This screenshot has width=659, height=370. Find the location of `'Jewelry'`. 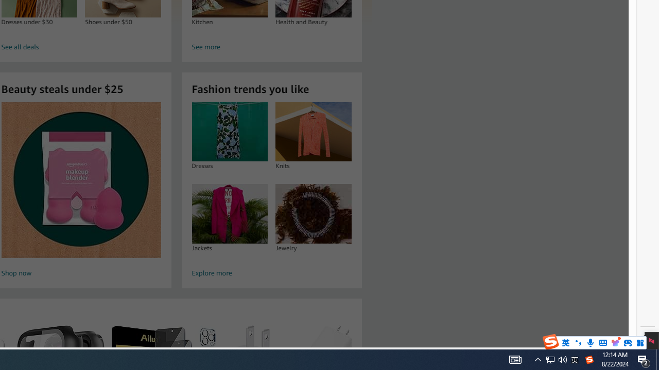

'Jewelry' is located at coordinates (313, 213).